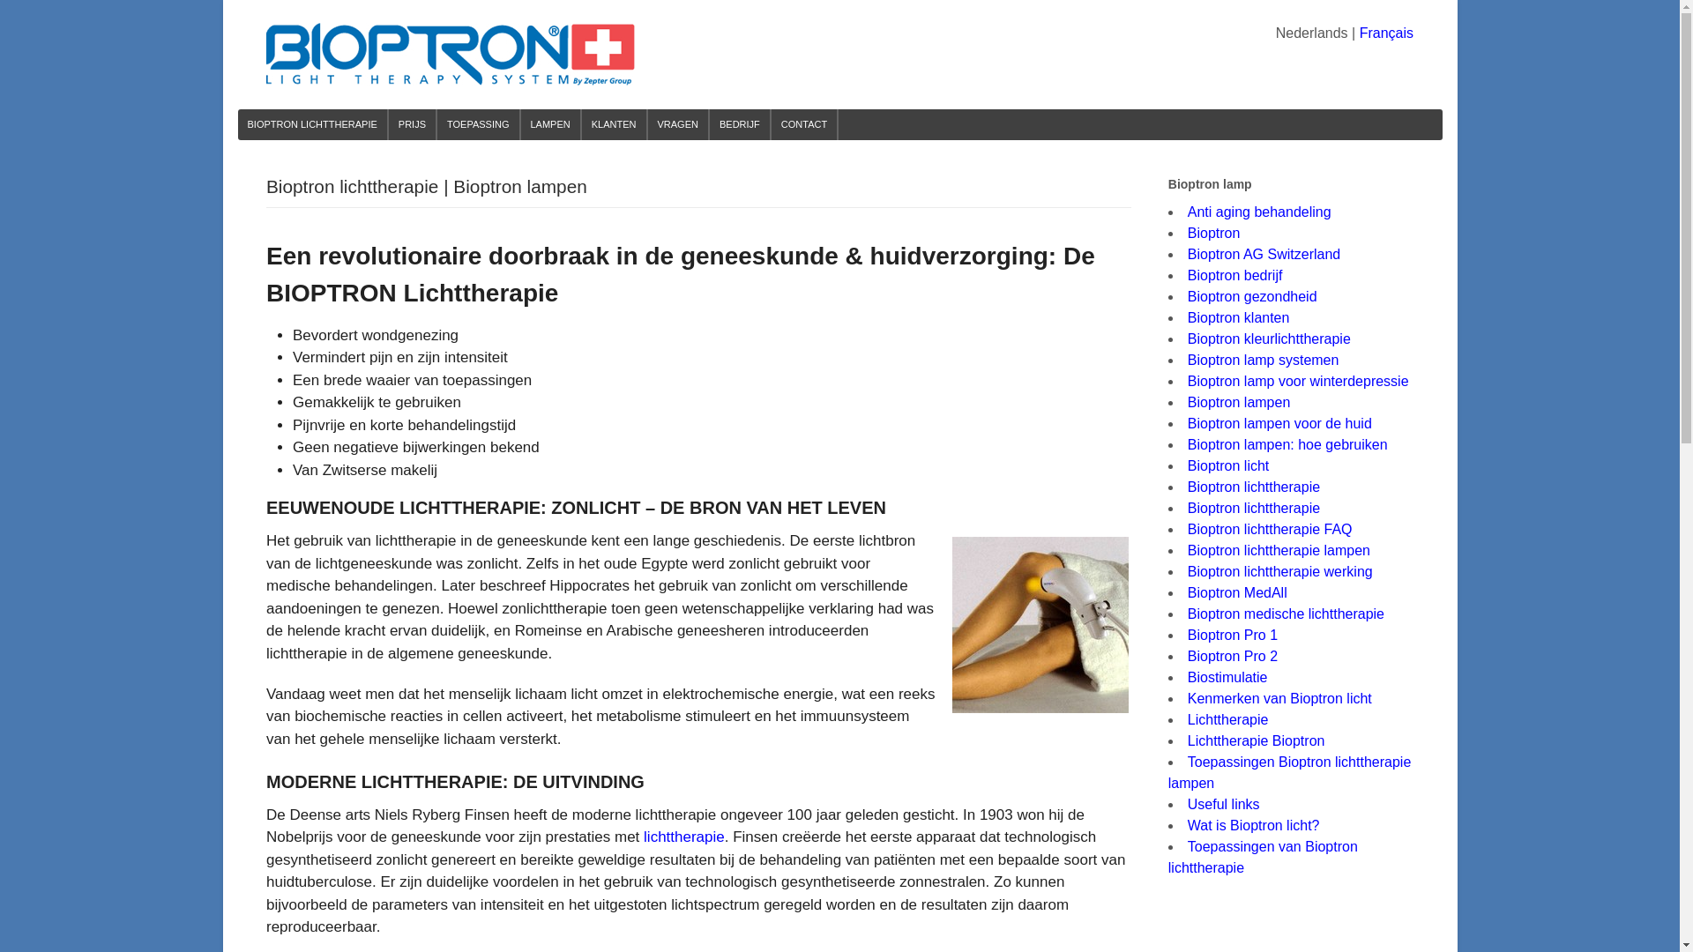  I want to click on 'Bioptron AG Switzerland', so click(1263, 254).